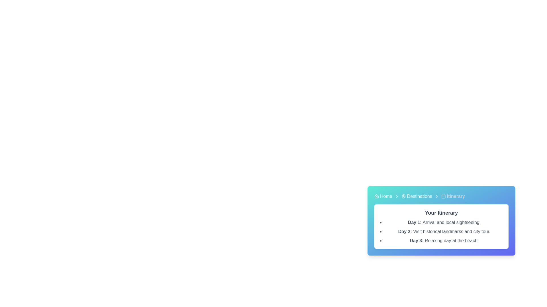  What do you see at coordinates (405, 231) in the screenshot?
I see `text content of the Text Label marking the second day in the itinerary, which is positioned beneath 'Day 1: Arrival and local sightseeing.'` at bounding box center [405, 231].